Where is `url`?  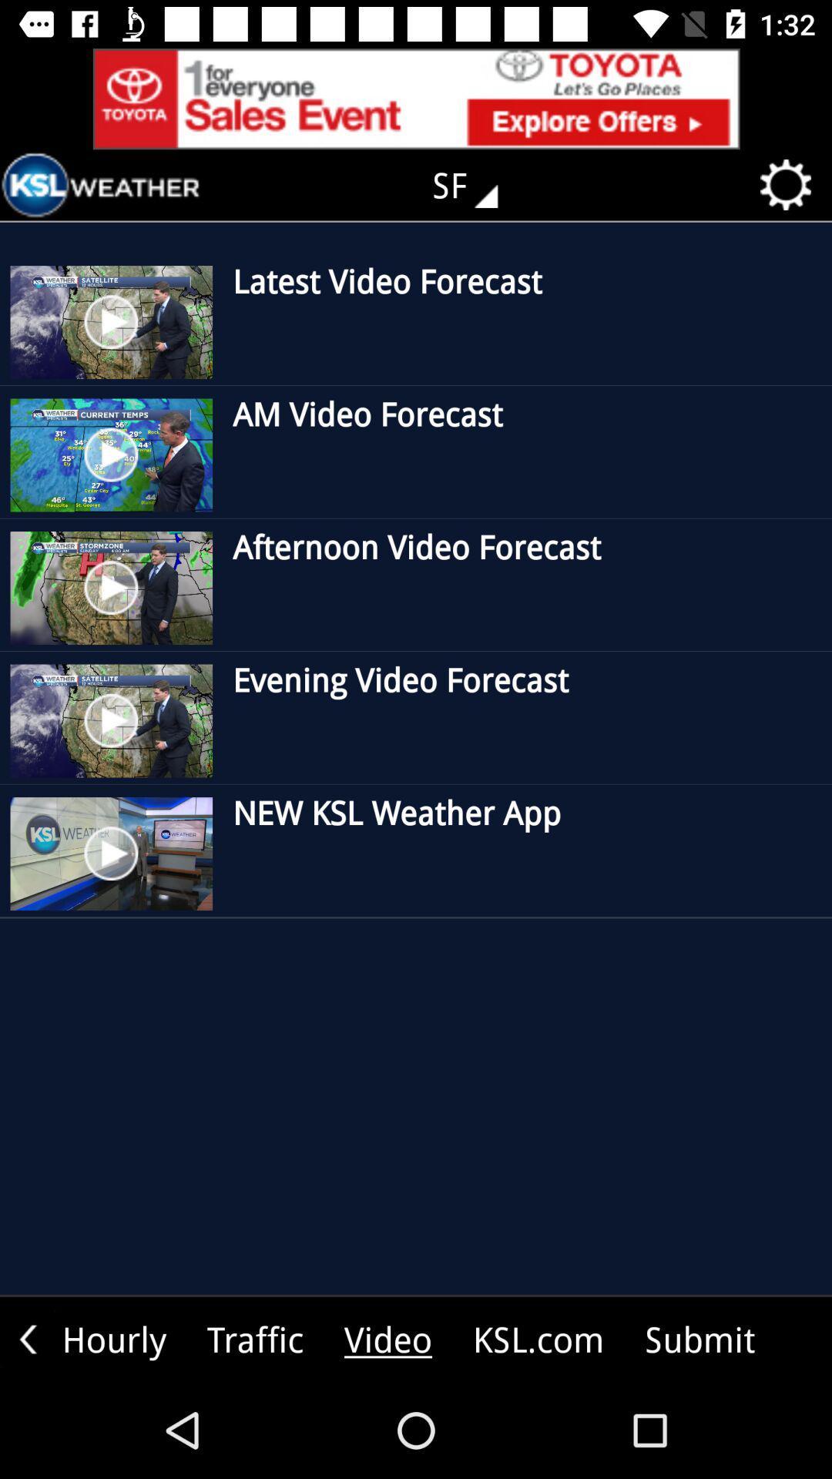
url is located at coordinates (416, 98).